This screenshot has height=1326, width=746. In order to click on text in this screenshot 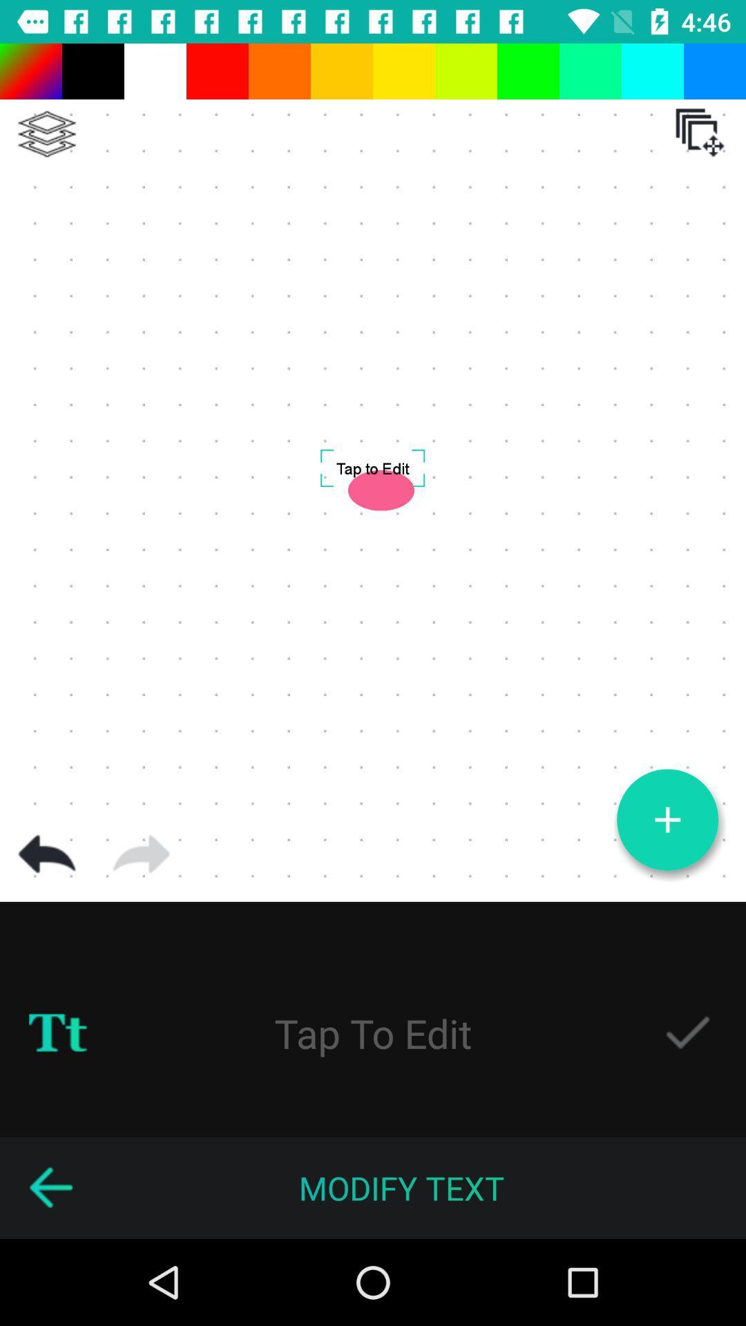, I will do `click(687, 1033)`.